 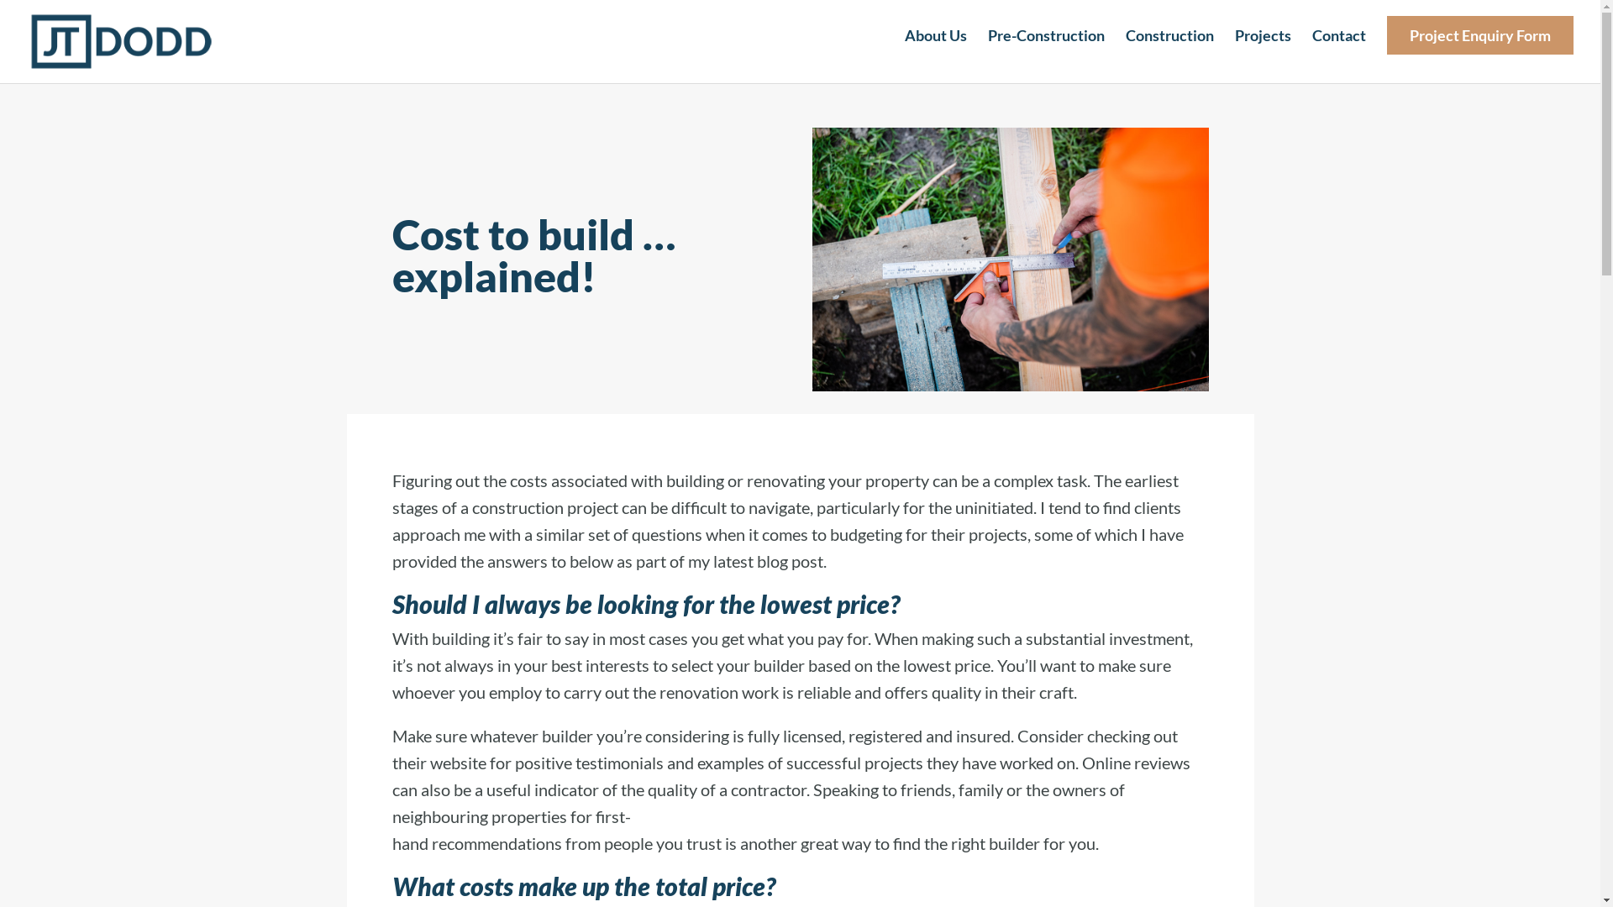 What do you see at coordinates (1263, 49) in the screenshot?
I see `'Projects'` at bounding box center [1263, 49].